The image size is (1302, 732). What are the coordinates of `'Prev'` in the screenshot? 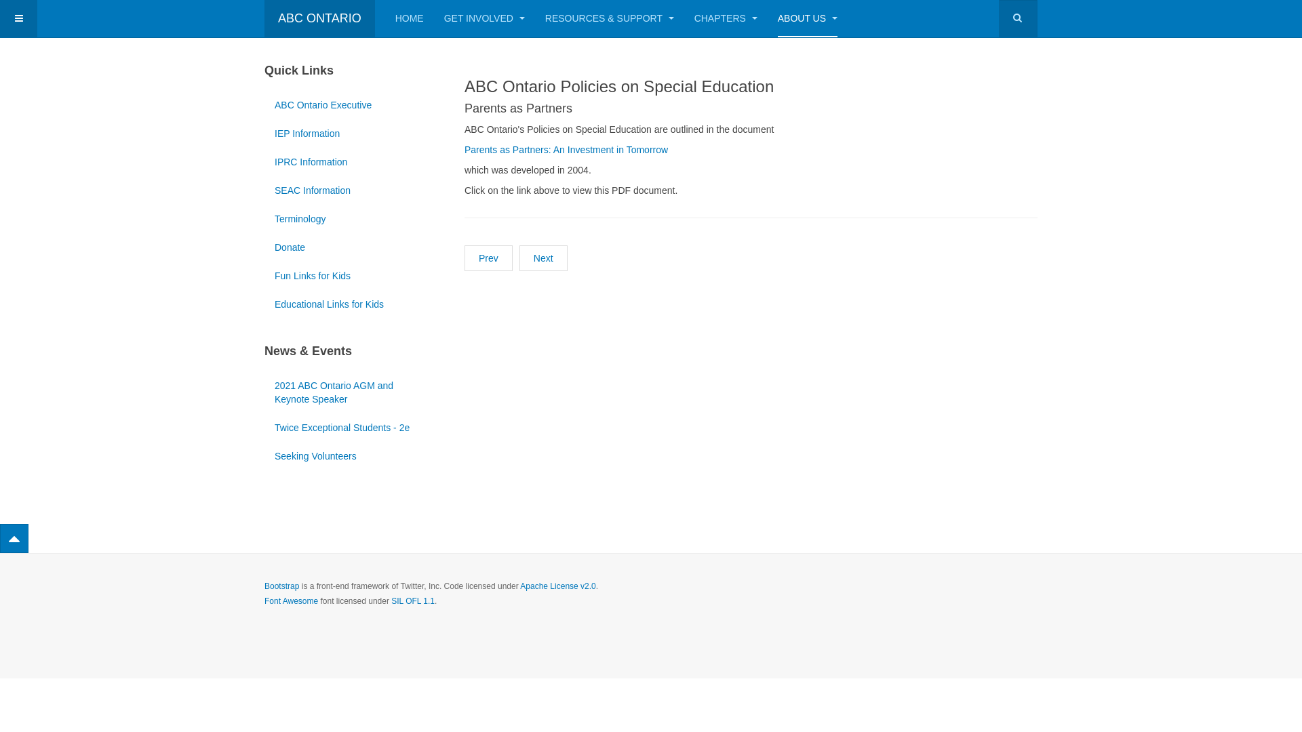 It's located at (465, 258).